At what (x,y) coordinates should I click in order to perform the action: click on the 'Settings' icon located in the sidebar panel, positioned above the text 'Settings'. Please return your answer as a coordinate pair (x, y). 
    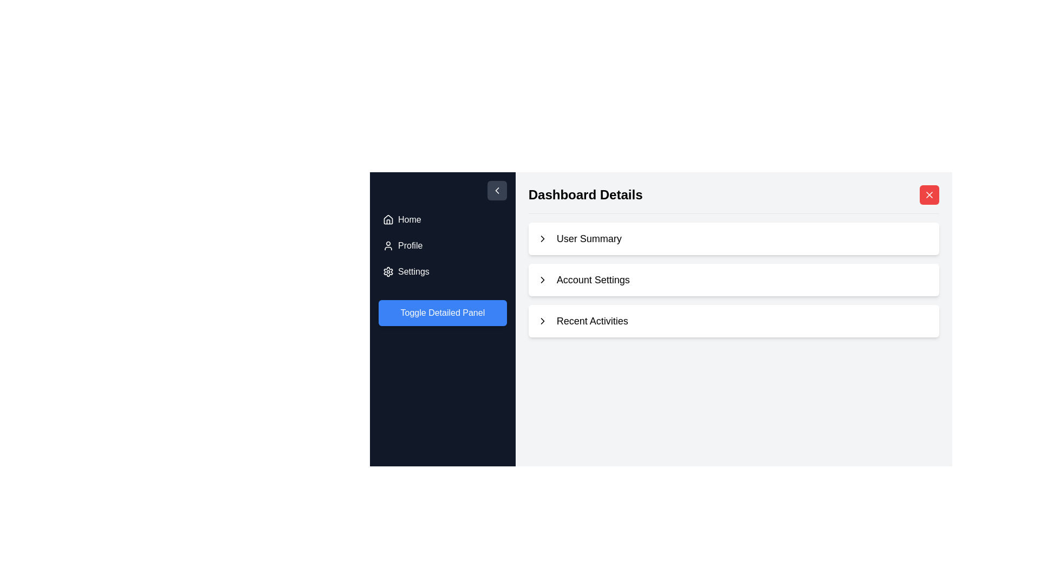
    Looking at the image, I should click on (388, 271).